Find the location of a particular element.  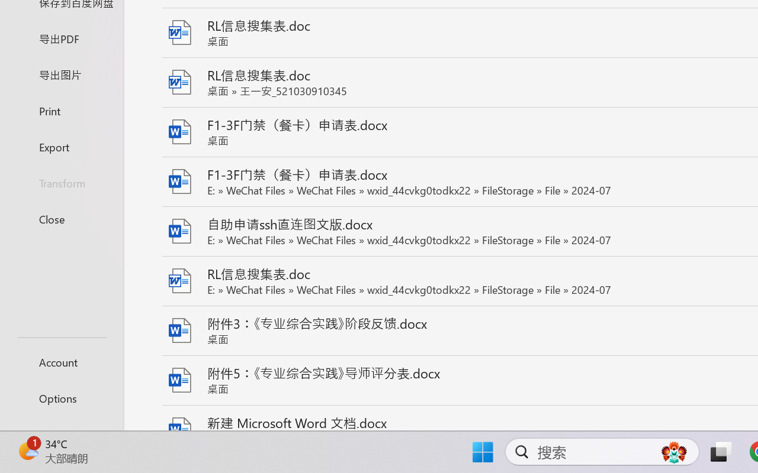

'Transform' is located at coordinates (61, 182).